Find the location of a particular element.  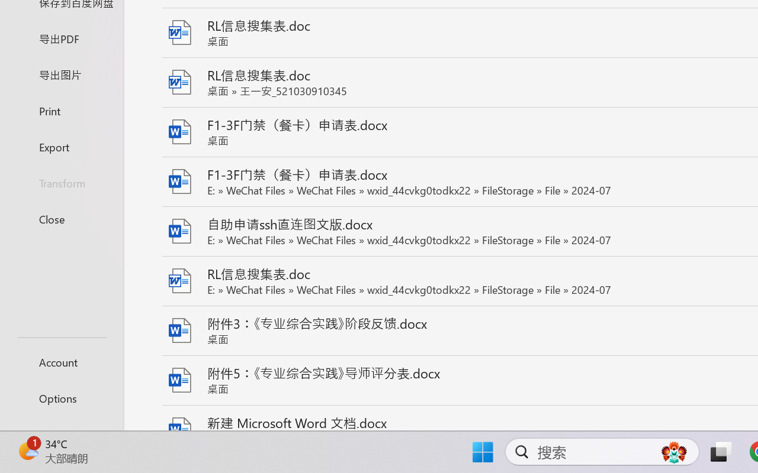

'Transform' is located at coordinates (61, 182).